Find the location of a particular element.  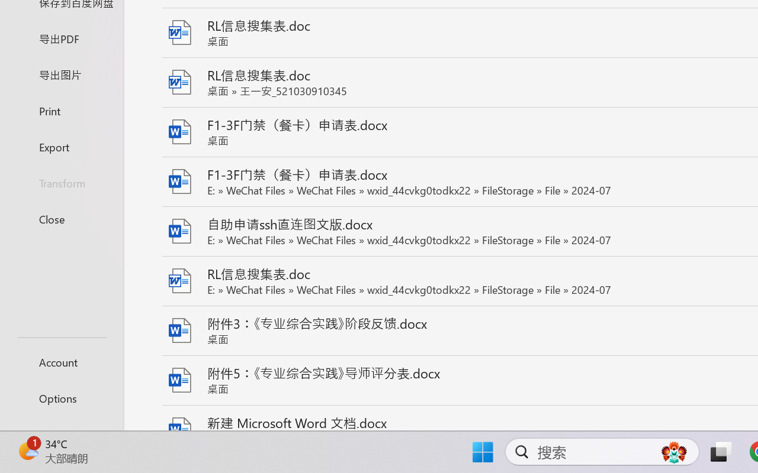

'Transform' is located at coordinates (61, 182).